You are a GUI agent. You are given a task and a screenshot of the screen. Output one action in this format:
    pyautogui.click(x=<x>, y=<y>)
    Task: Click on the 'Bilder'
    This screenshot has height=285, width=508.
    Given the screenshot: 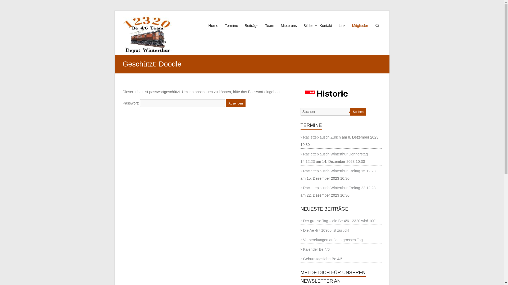 What is the action you would take?
    pyautogui.click(x=308, y=30)
    